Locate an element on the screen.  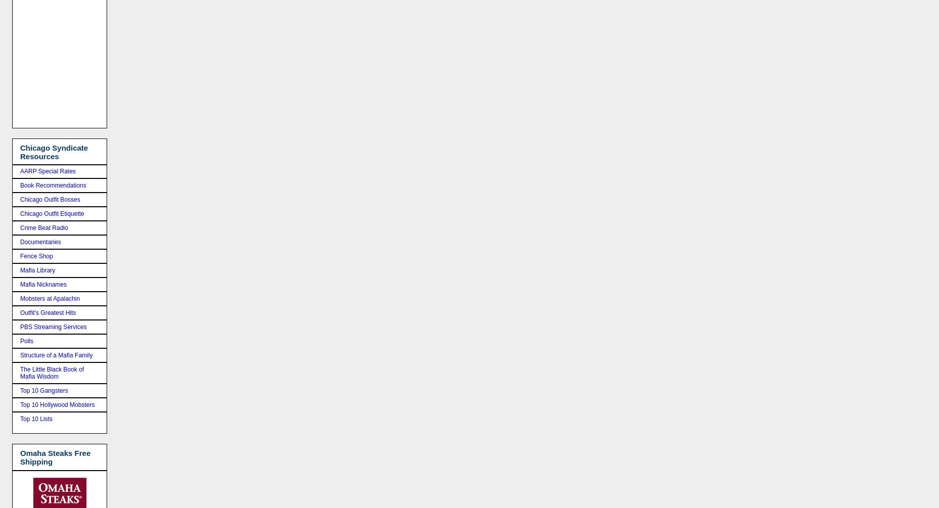
'Top 10 Hollywood Mobsters' is located at coordinates (19, 404).